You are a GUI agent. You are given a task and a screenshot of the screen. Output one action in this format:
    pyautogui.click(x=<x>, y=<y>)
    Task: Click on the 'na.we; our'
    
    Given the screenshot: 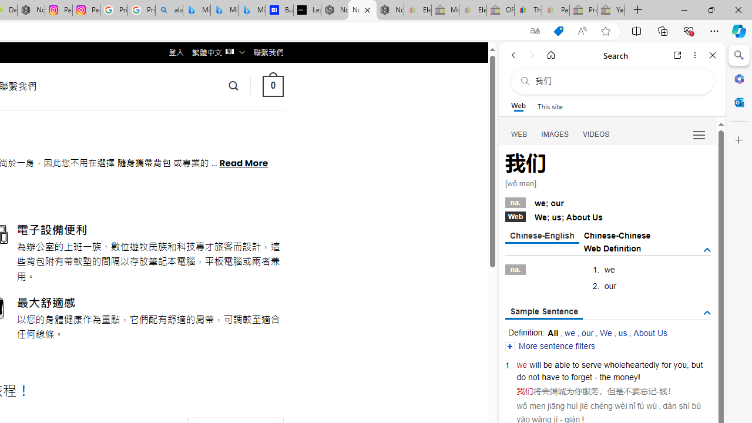 What is the action you would take?
    pyautogui.click(x=607, y=201)
    